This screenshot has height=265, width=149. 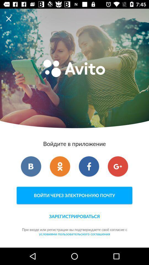 I want to click on item on the right, so click(x=118, y=166).